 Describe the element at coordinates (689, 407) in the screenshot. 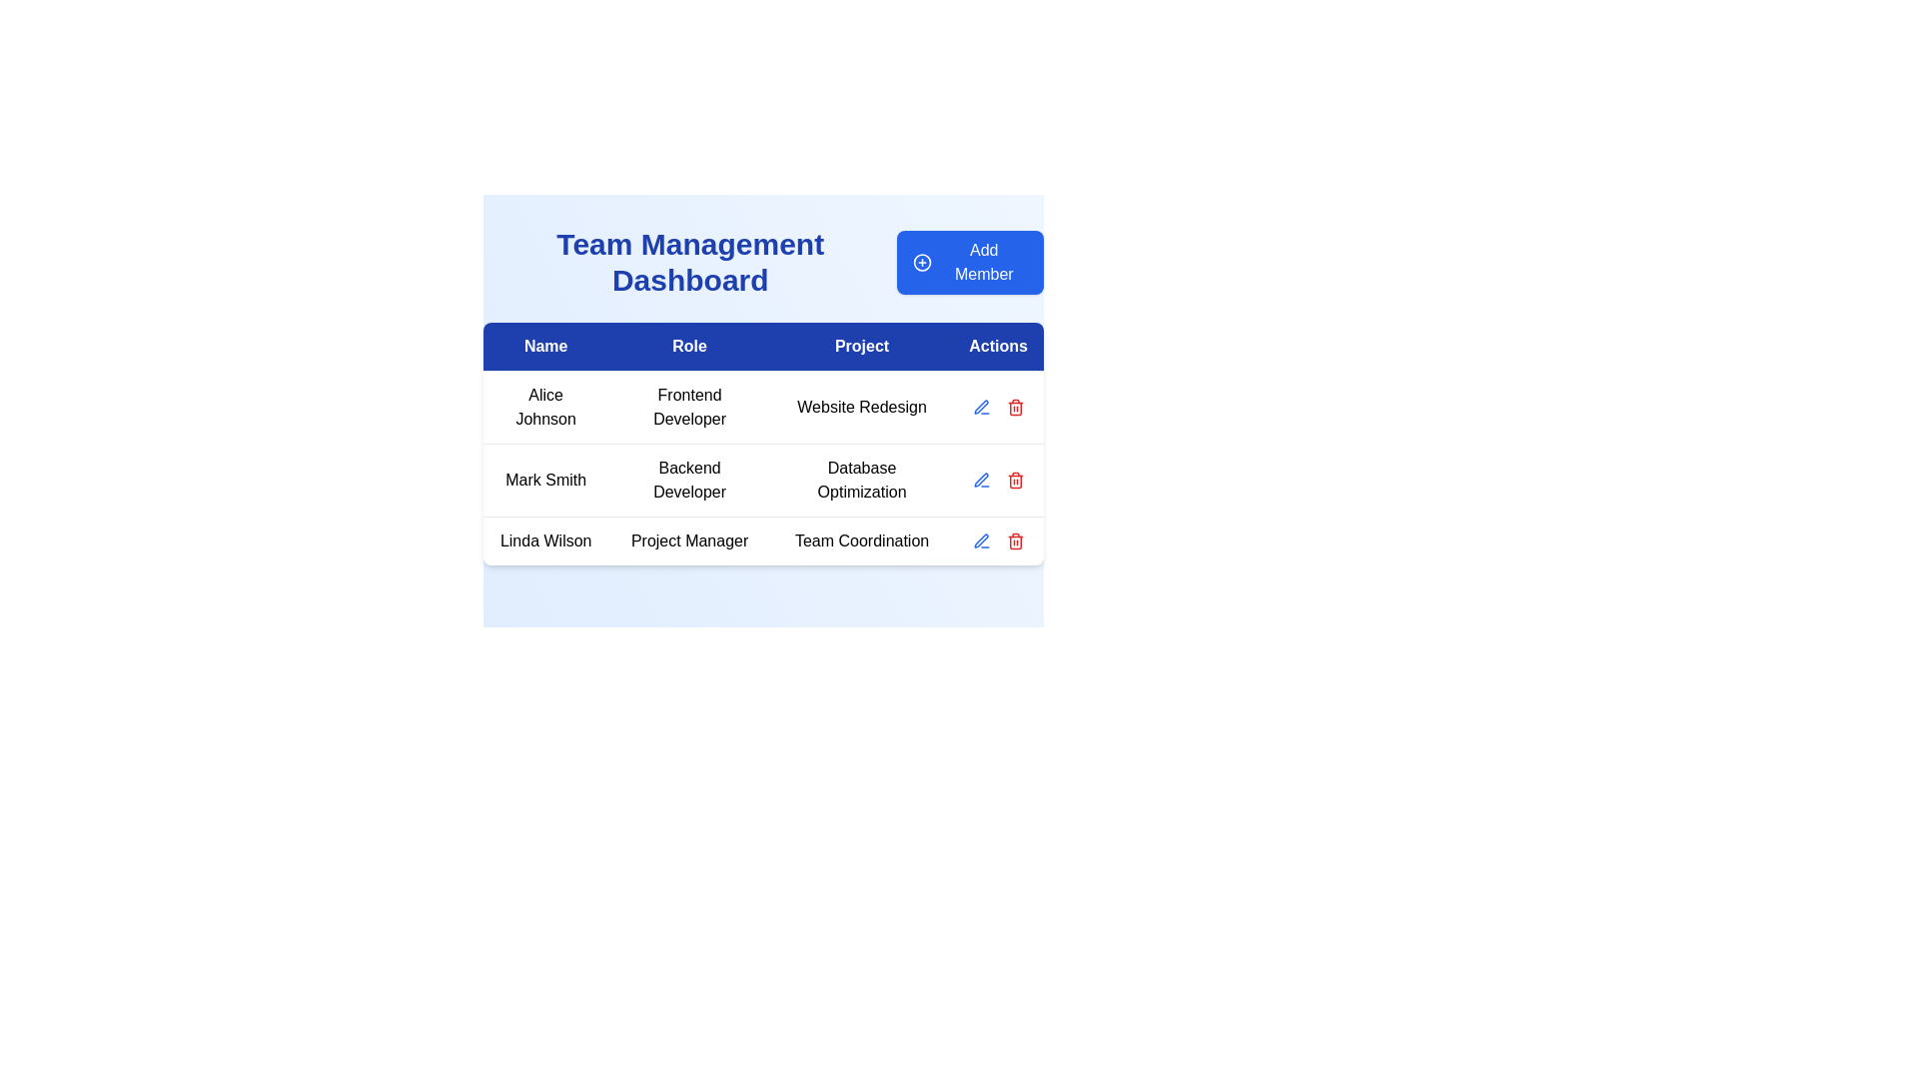

I see `the text label indicating 'Frontend Developer' in the second column of the first row under the 'Role' column heading` at that location.